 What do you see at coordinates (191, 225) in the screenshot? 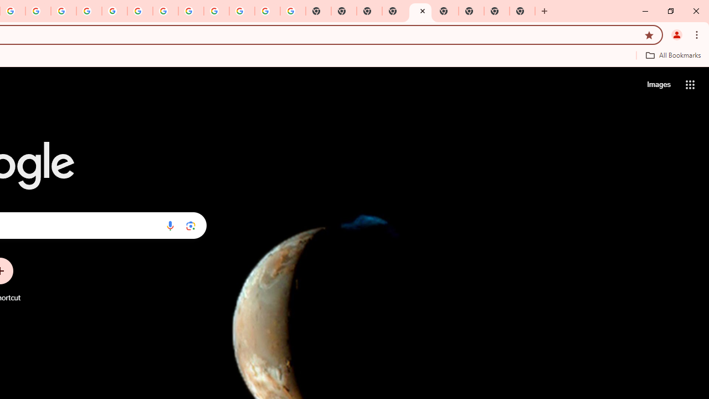
I see `'Search by image'` at bounding box center [191, 225].